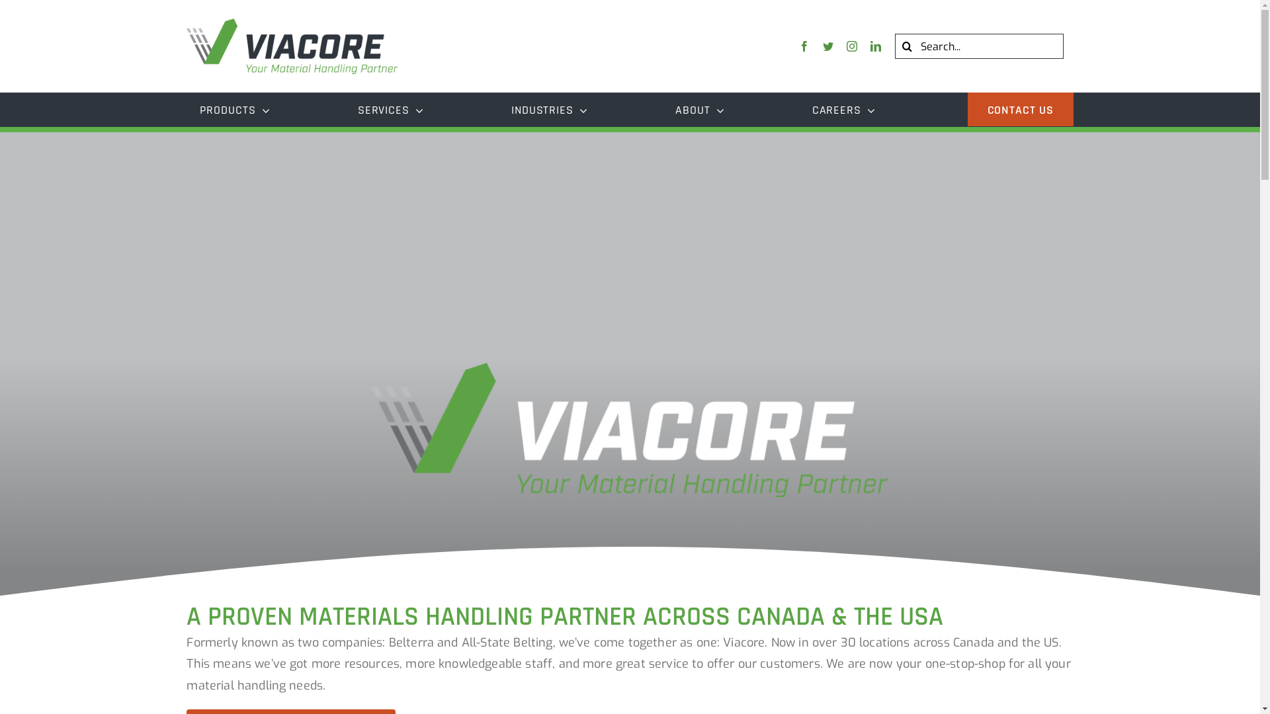 This screenshot has height=714, width=1270. I want to click on 'Twitter', so click(827, 45).